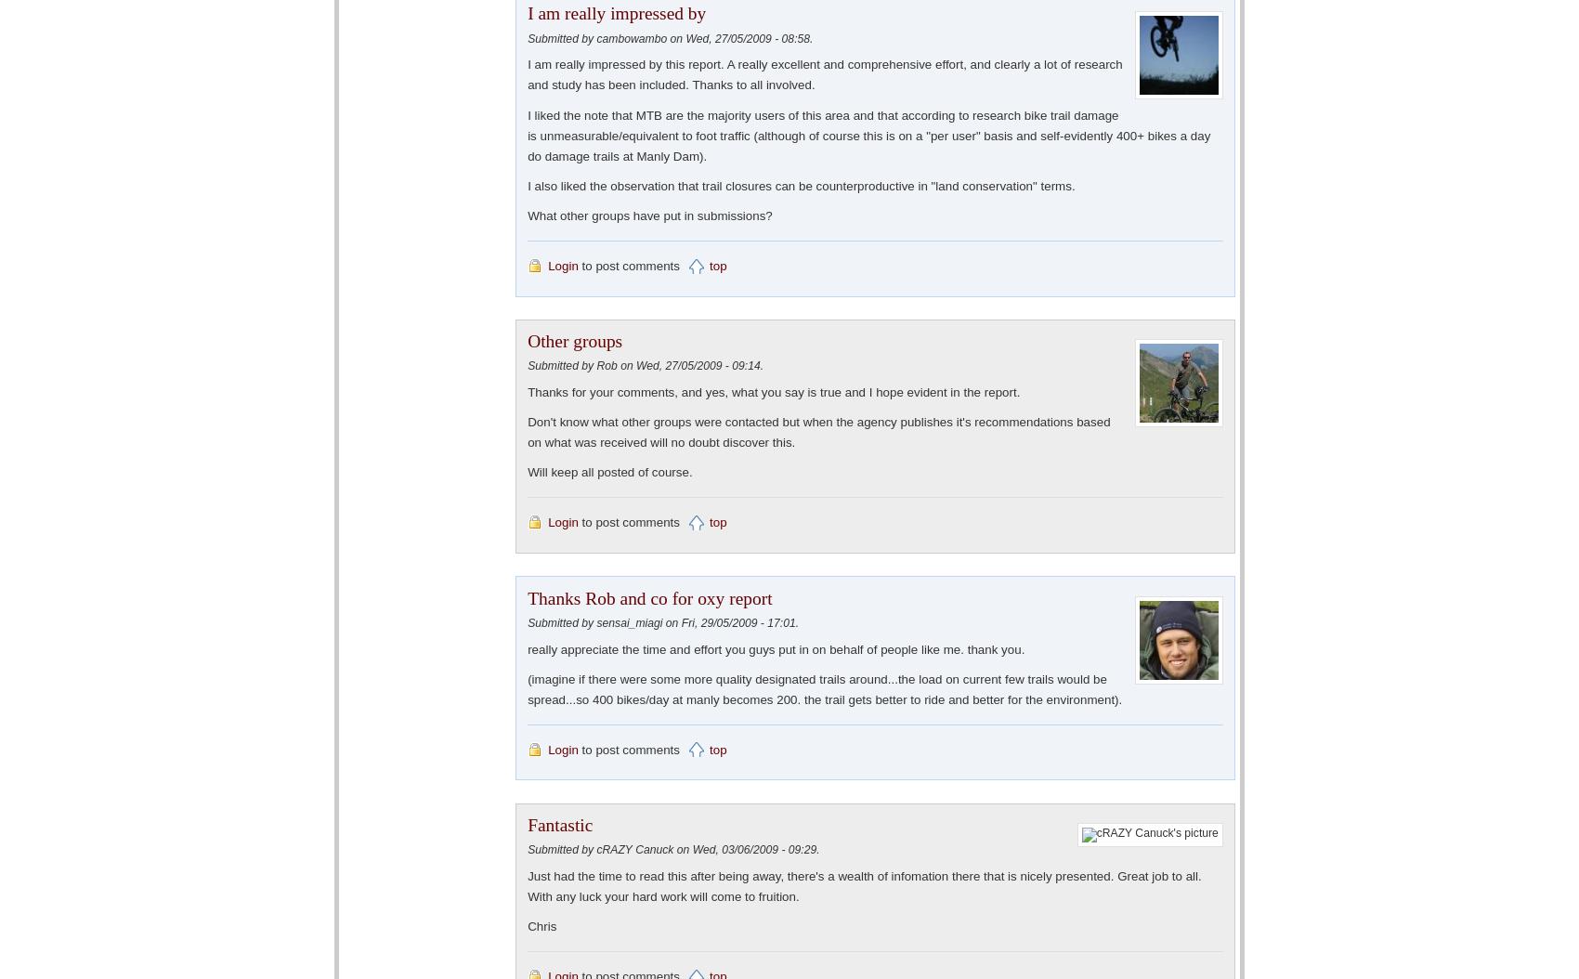  What do you see at coordinates (825, 688) in the screenshot?
I see `'(imagine if there were some more quality designated trails around...the load on current few trails would be spread...so 400 bikes/day at manly becomes 200.  the trail gets better to ride and better for the environment).'` at bounding box center [825, 688].